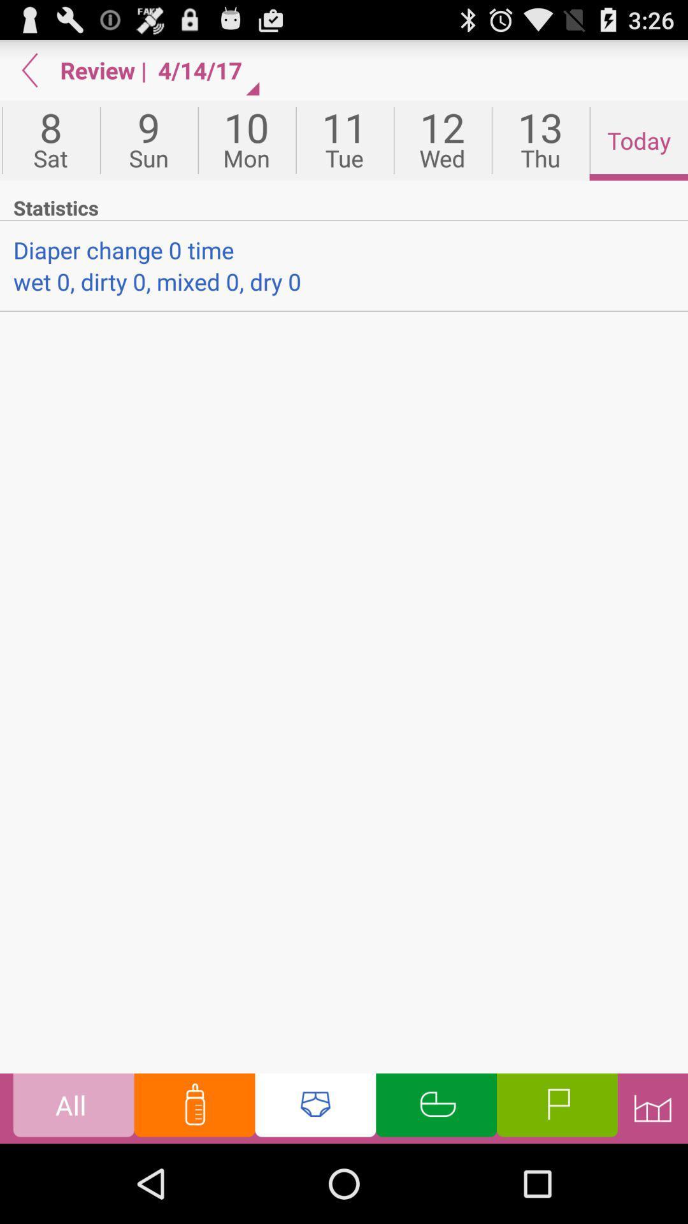  What do you see at coordinates (50, 140) in the screenshot?
I see `the icon to the left of the 9 item` at bounding box center [50, 140].